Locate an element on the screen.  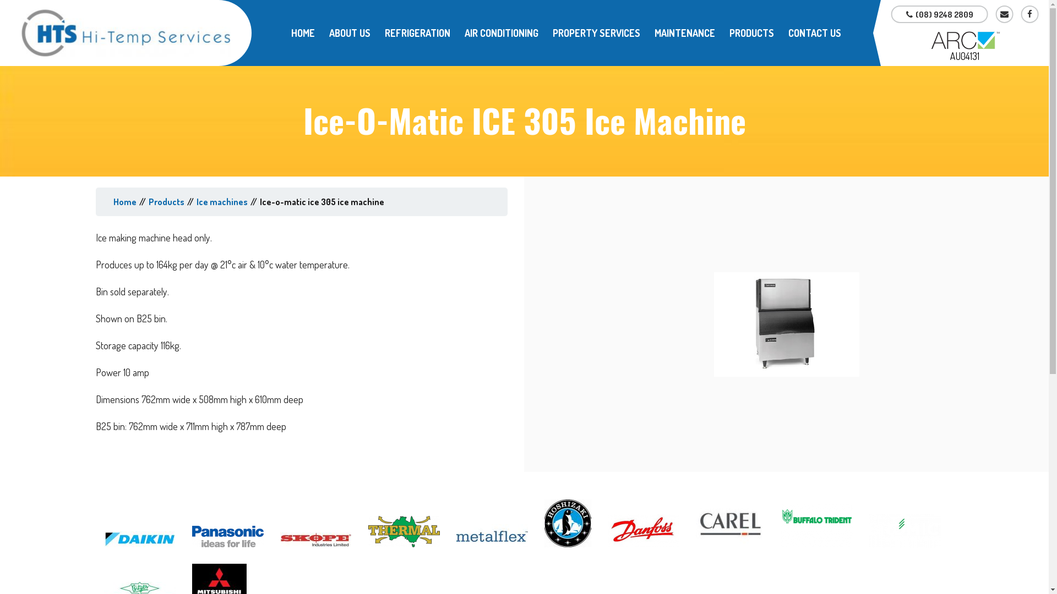
'CONTACT US' is located at coordinates (814, 32).